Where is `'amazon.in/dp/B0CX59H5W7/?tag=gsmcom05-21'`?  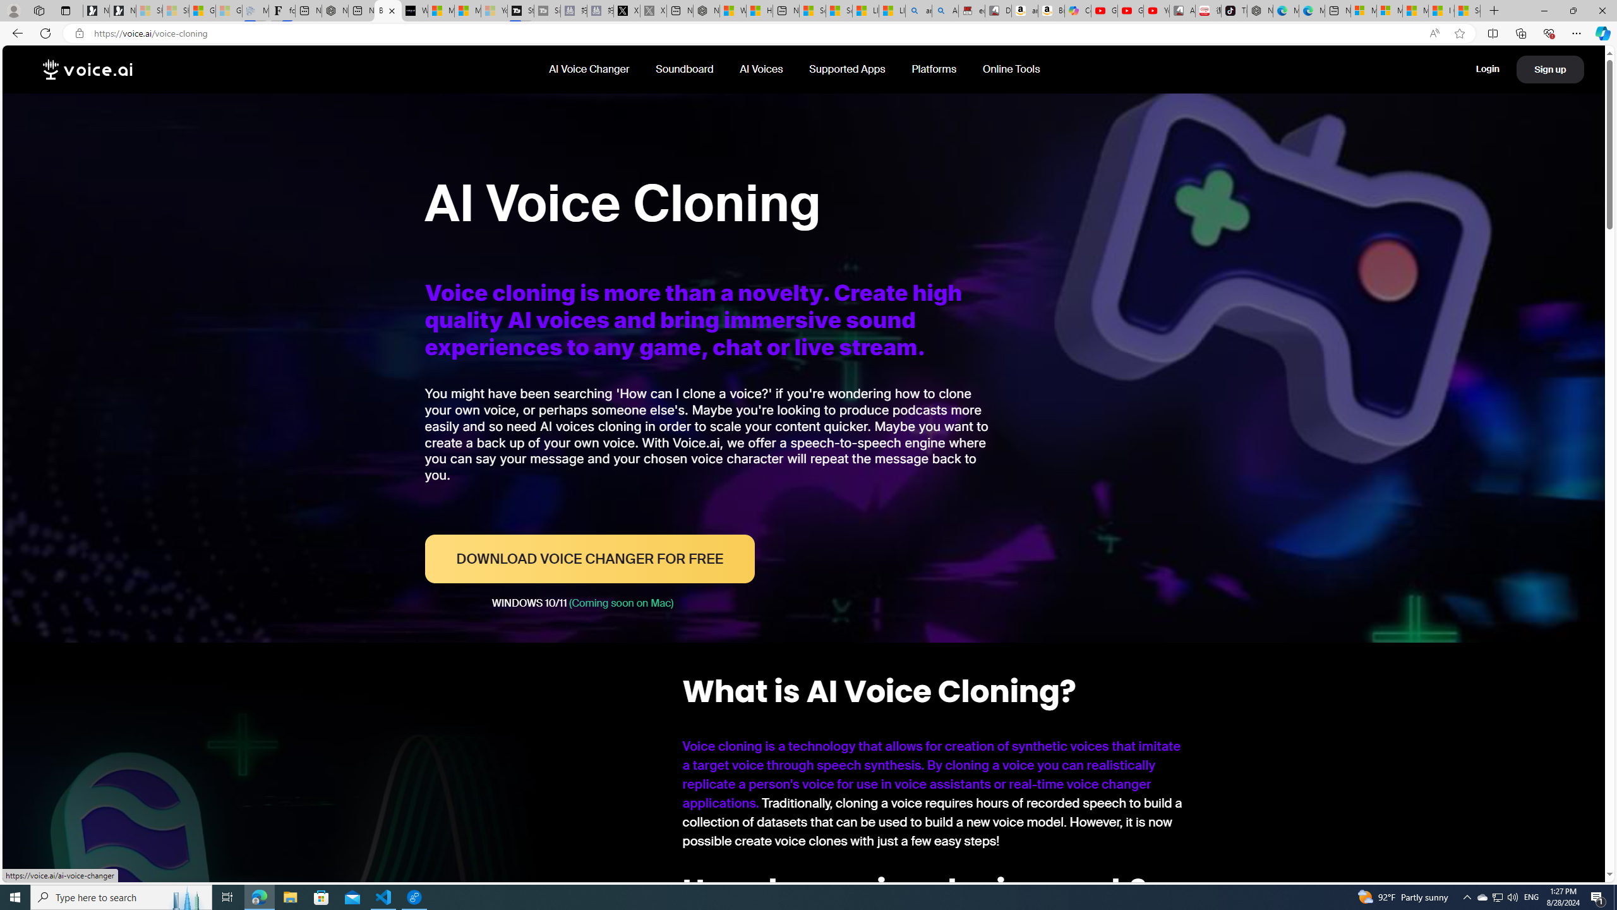
'amazon.in/dp/B0CX59H5W7/?tag=gsmcom05-21' is located at coordinates (1024, 10).